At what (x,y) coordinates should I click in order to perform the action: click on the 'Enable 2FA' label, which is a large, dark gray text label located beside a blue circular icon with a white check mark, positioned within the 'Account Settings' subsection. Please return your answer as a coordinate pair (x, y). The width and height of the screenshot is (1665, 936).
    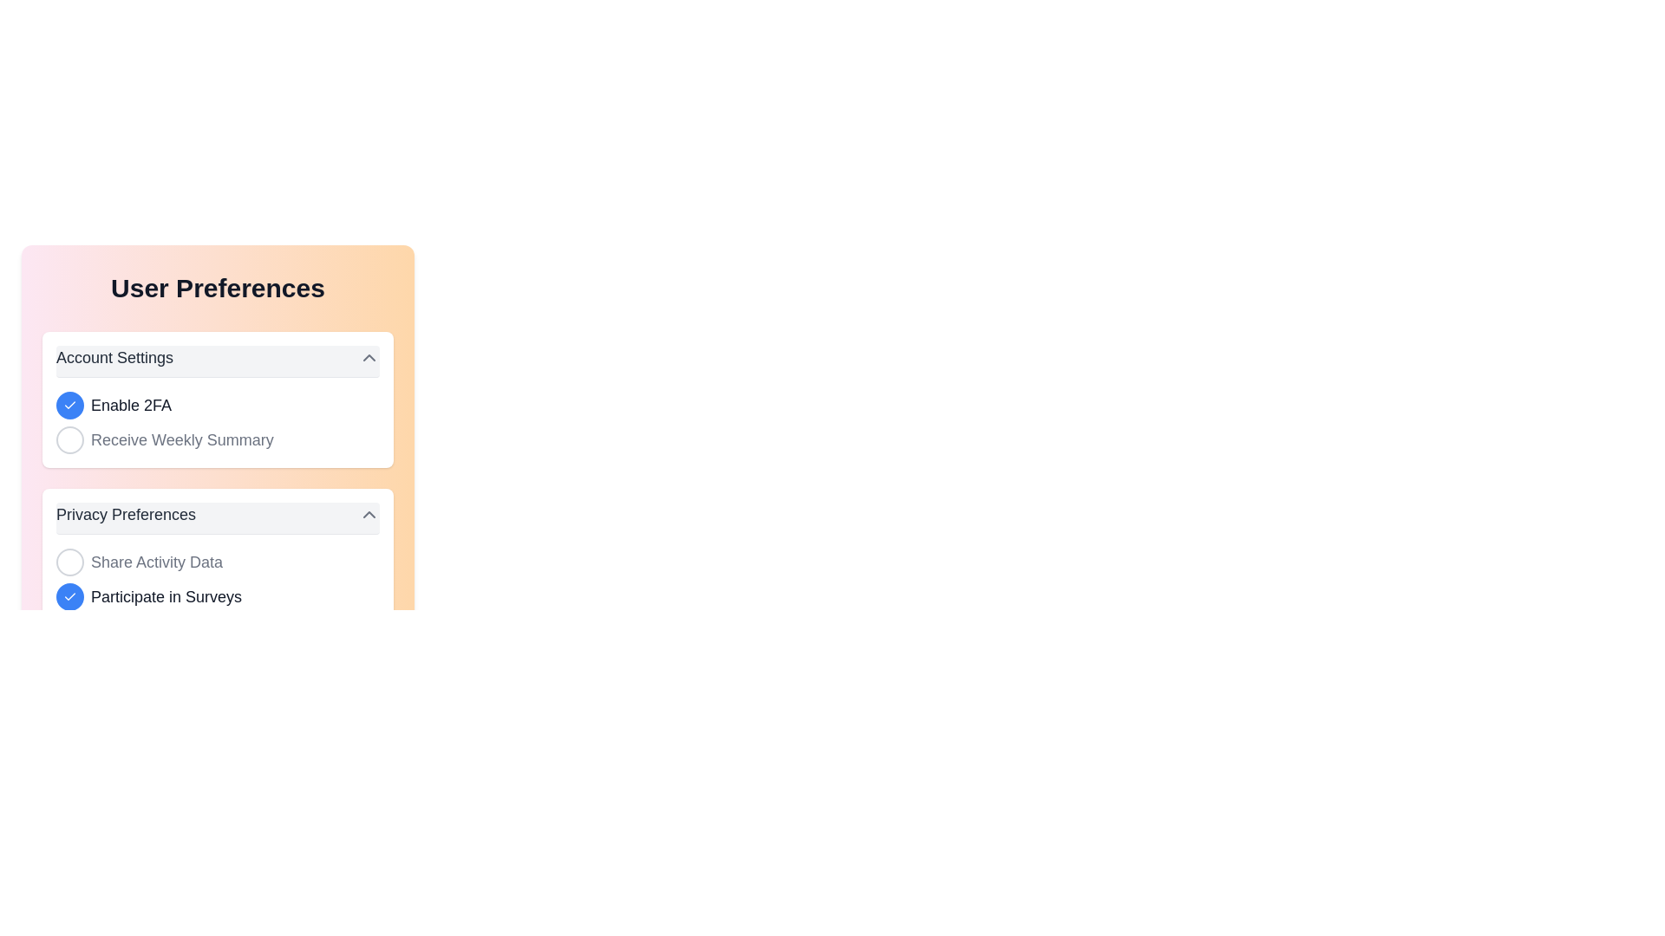
    Looking at the image, I should click on (130, 405).